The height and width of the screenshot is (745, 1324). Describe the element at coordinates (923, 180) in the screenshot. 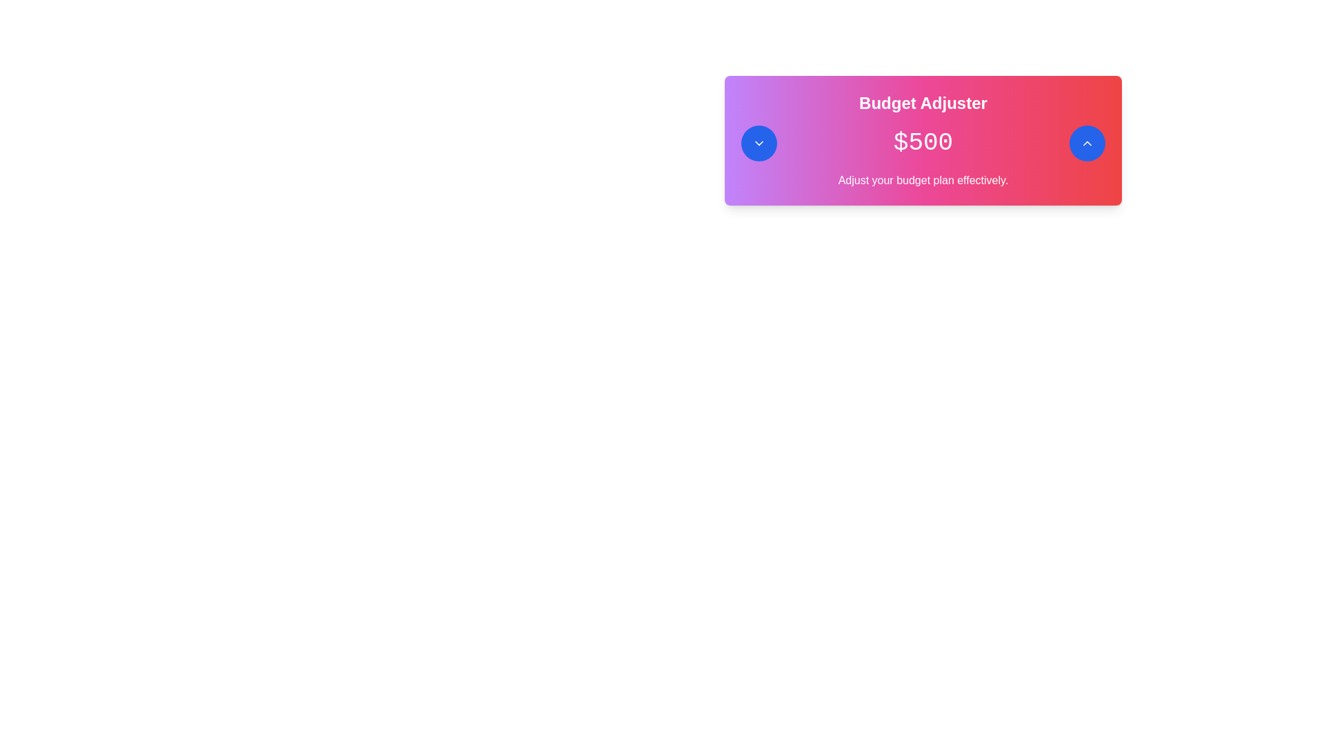

I see `the text label displaying 'Adjust your budget plan effectively.' which is located beneath the 'Budget Adjuster' heading and the monetary amount '$500'` at that location.